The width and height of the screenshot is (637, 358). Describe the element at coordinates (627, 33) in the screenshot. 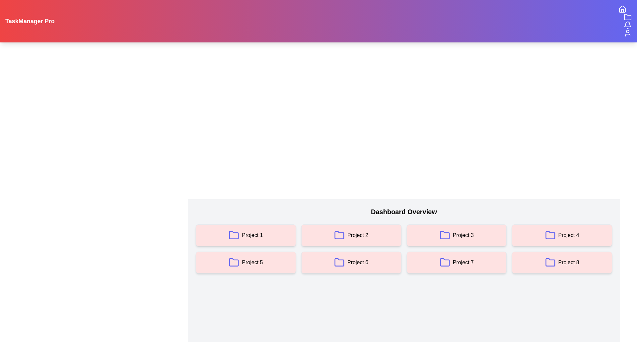

I see `the navigation icon User to perform its associated action` at that location.